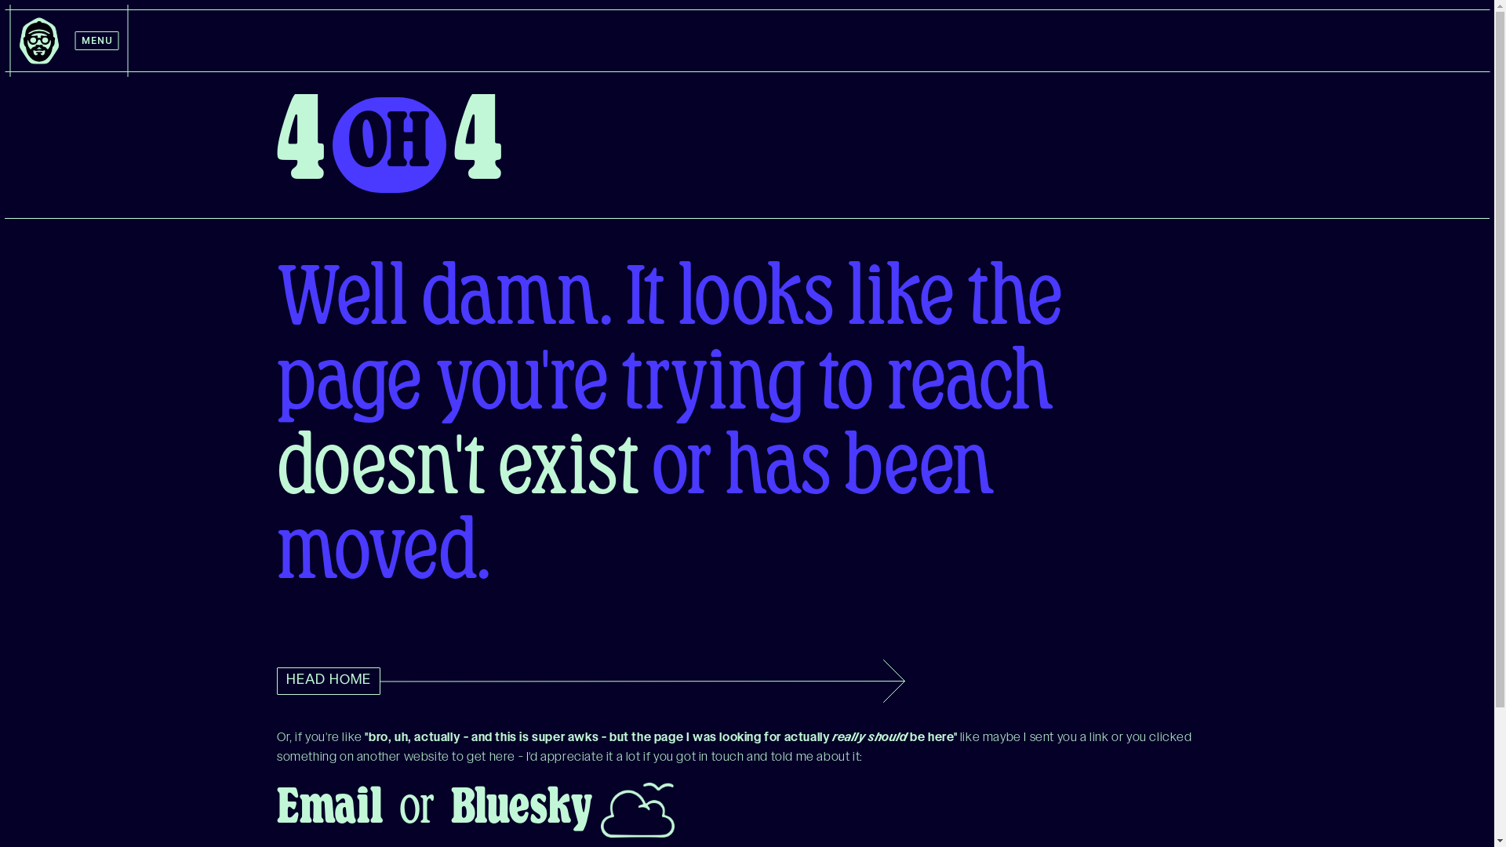  I want to click on 'HEAD HOME', so click(326, 679).